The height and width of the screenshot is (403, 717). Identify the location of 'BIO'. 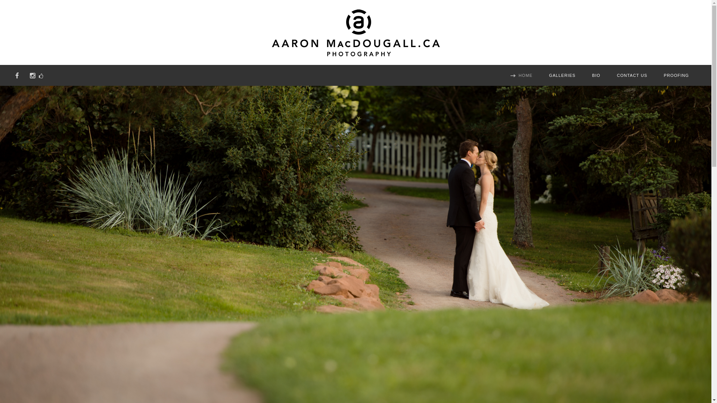
(596, 76).